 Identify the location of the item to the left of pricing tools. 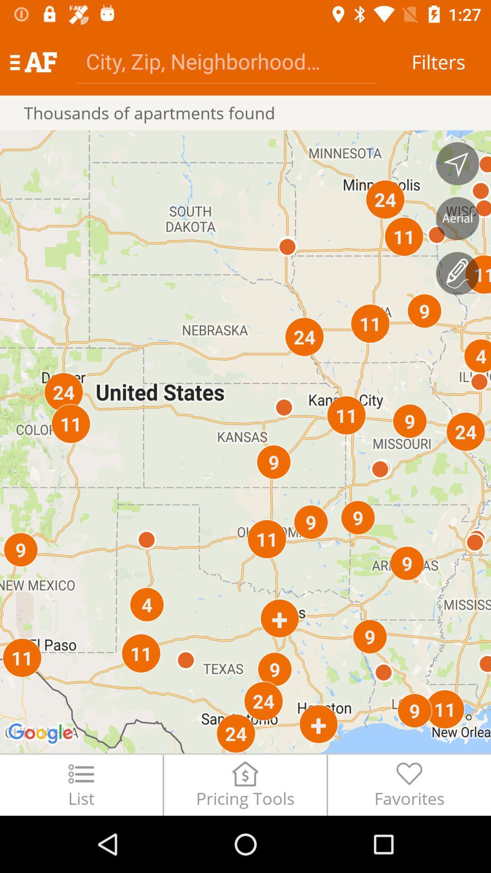
(80, 784).